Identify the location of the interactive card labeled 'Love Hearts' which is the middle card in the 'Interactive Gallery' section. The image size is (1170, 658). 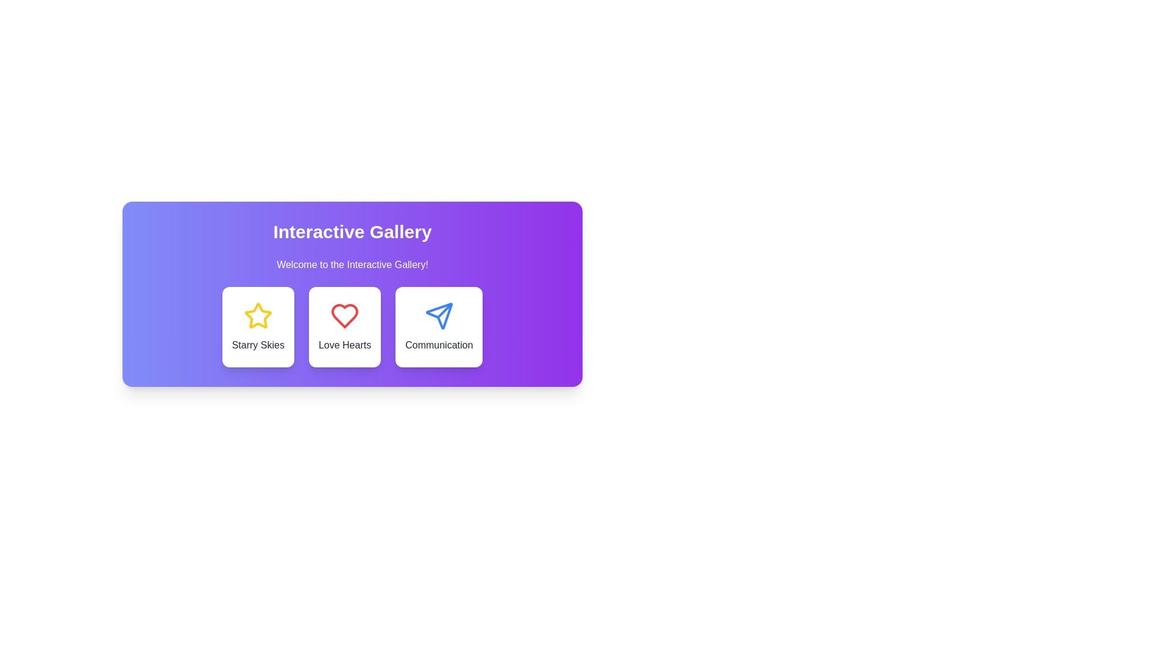
(344, 326).